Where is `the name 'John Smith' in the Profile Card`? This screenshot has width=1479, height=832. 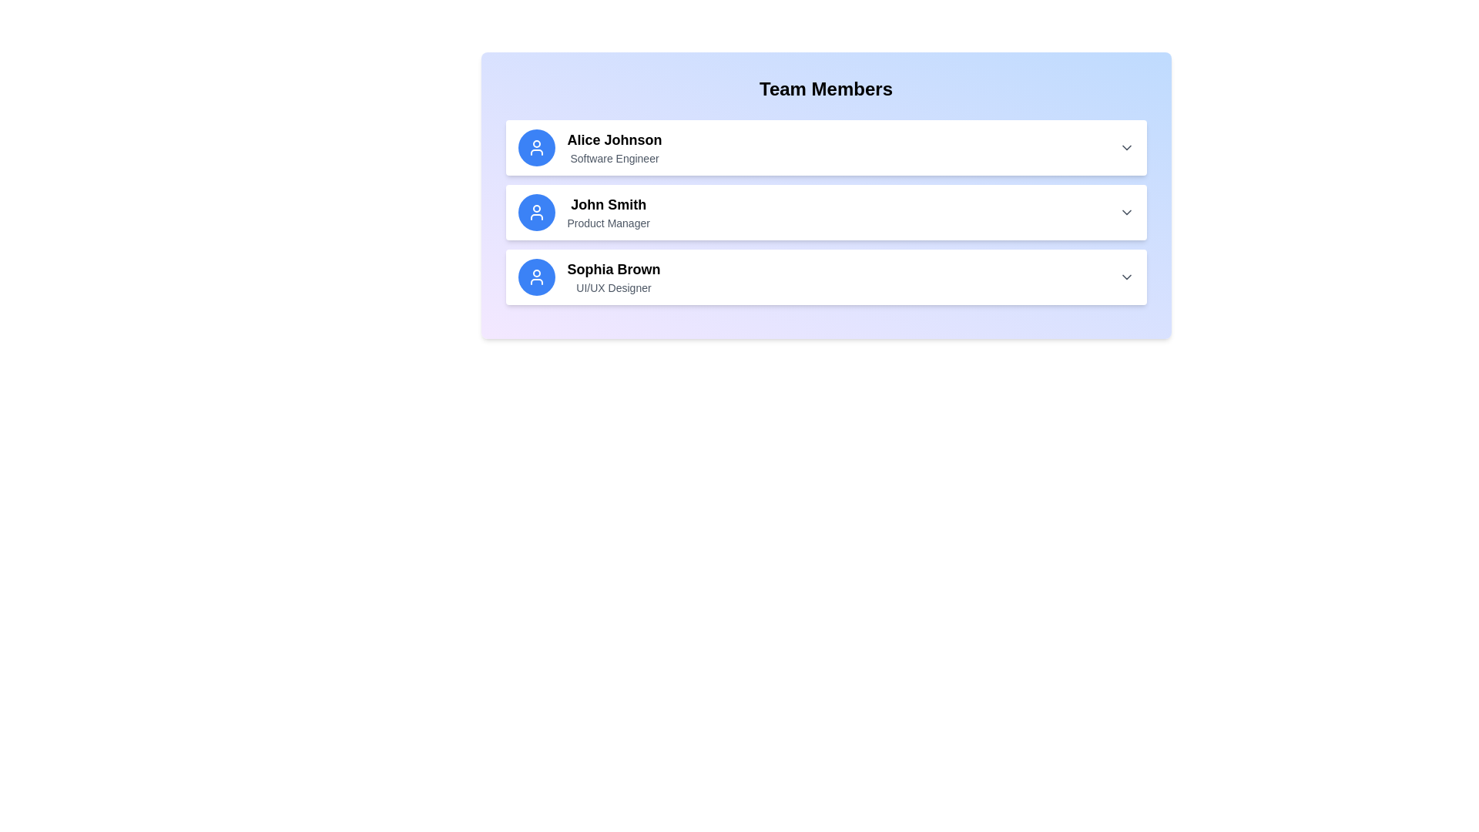 the name 'John Smith' in the Profile Card is located at coordinates (825, 213).